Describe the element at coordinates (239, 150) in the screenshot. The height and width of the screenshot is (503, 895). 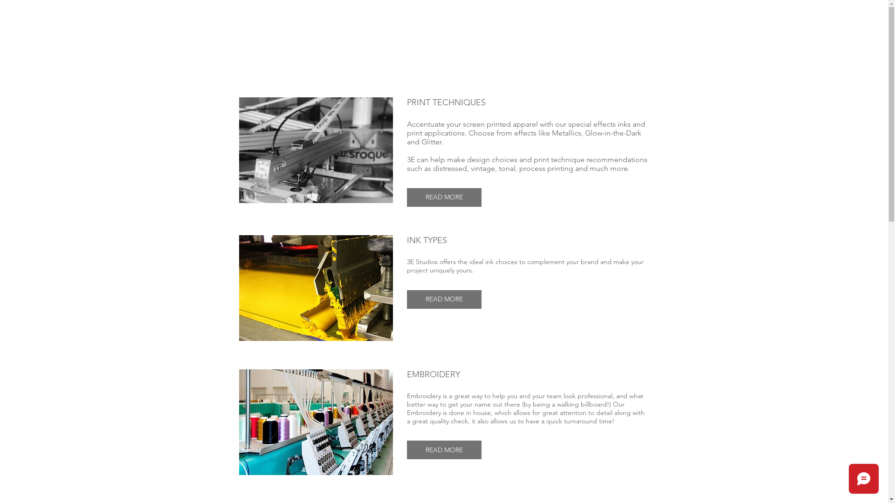
I see `'press-background.png'` at that location.